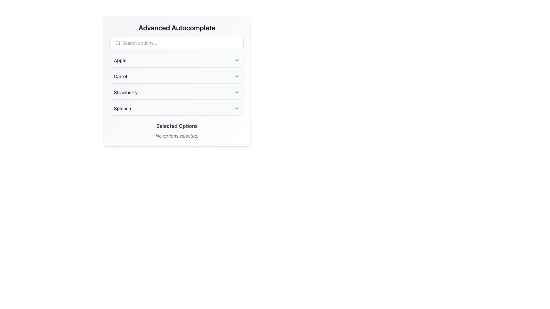 The height and width of the screenshot is (309, 550). Describe the element at coordinates (118, 43) in the screenshot. I see `the gray search icon represented by a magnifying glass symbol, located on the left side of the 'Search options' text input field below 'Advanced Autocomplete'` at that location.